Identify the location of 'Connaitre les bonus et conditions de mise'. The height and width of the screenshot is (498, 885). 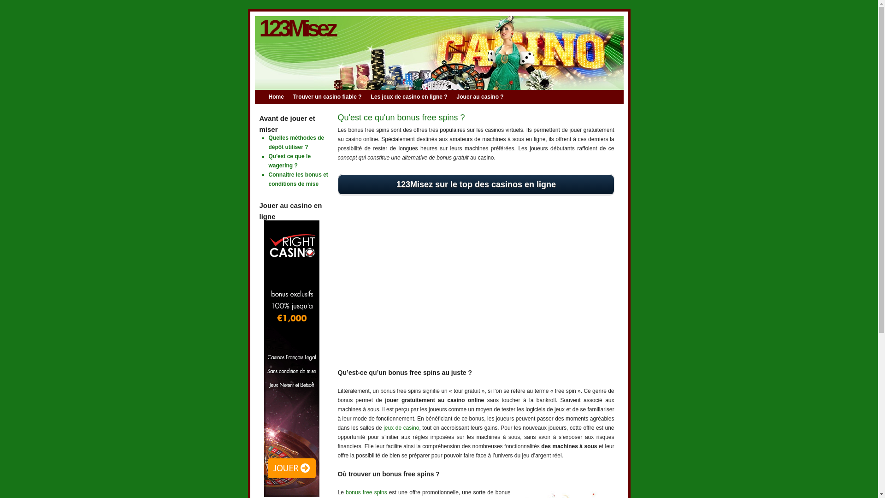
(298, 179).